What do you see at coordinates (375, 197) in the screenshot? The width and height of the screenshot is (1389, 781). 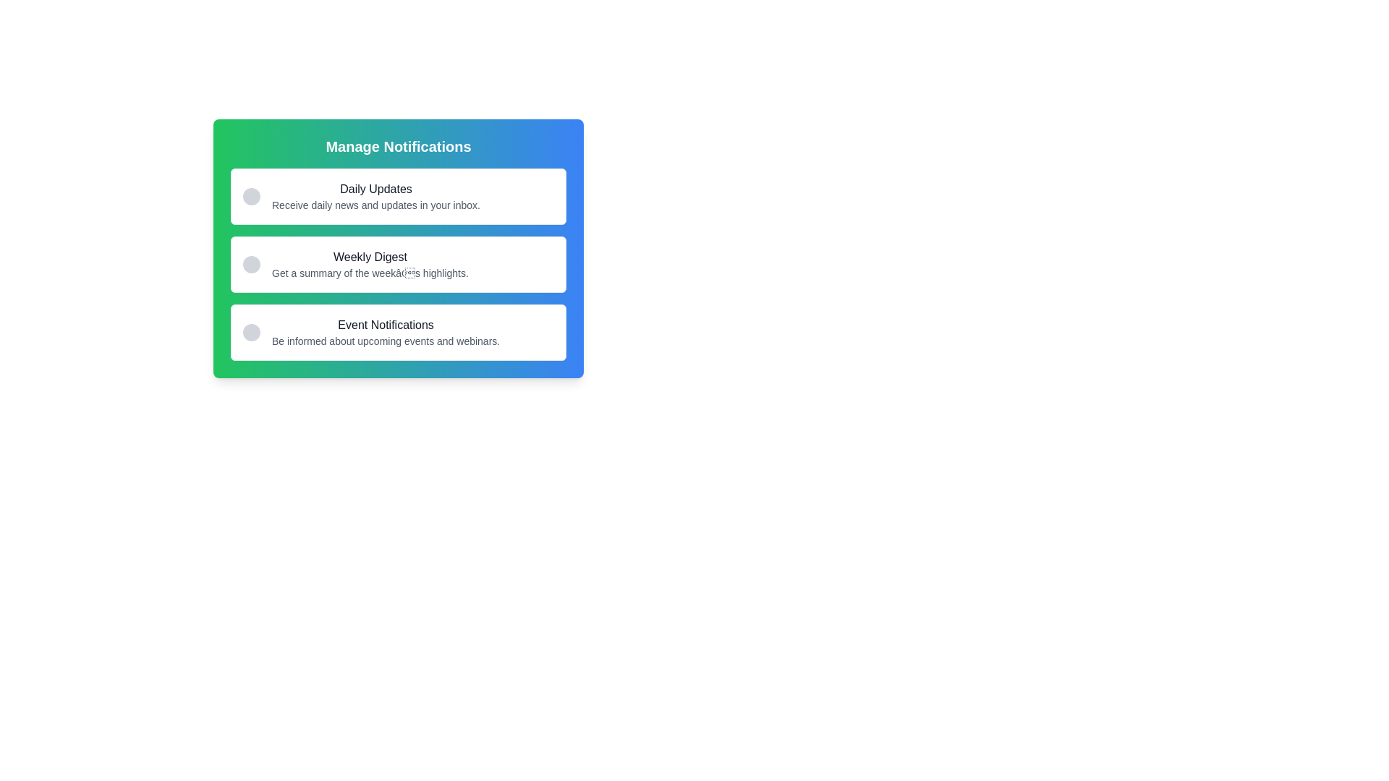 I see `the 'Daily Updates' notification subscription option in the first notification card under 'Manage Notifications'` at bounding box center [375, 197].